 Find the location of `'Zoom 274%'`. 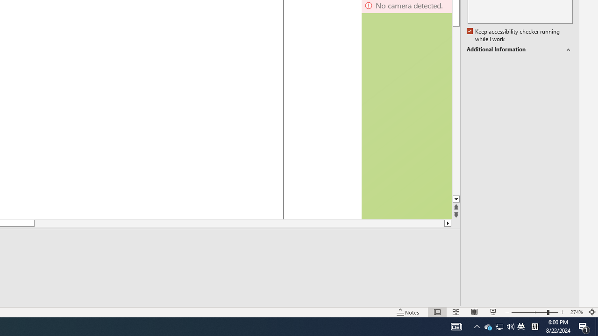

'Zoom 274%' is located at coordinates (576, 312).